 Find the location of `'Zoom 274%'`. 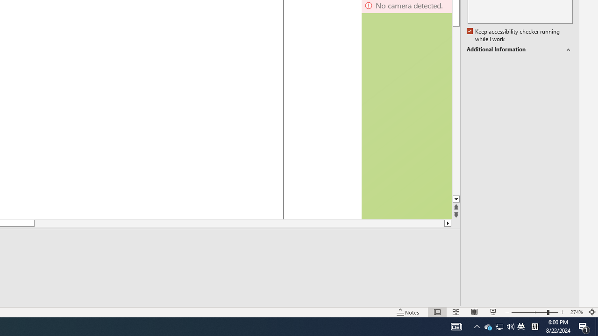

'Zoom 274%' is located at coordinates (576, 312).